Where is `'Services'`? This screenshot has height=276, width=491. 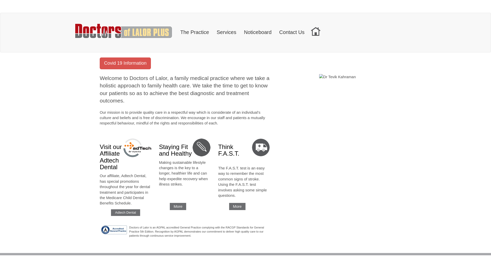 'Services' is located at coordinates (226, 31).